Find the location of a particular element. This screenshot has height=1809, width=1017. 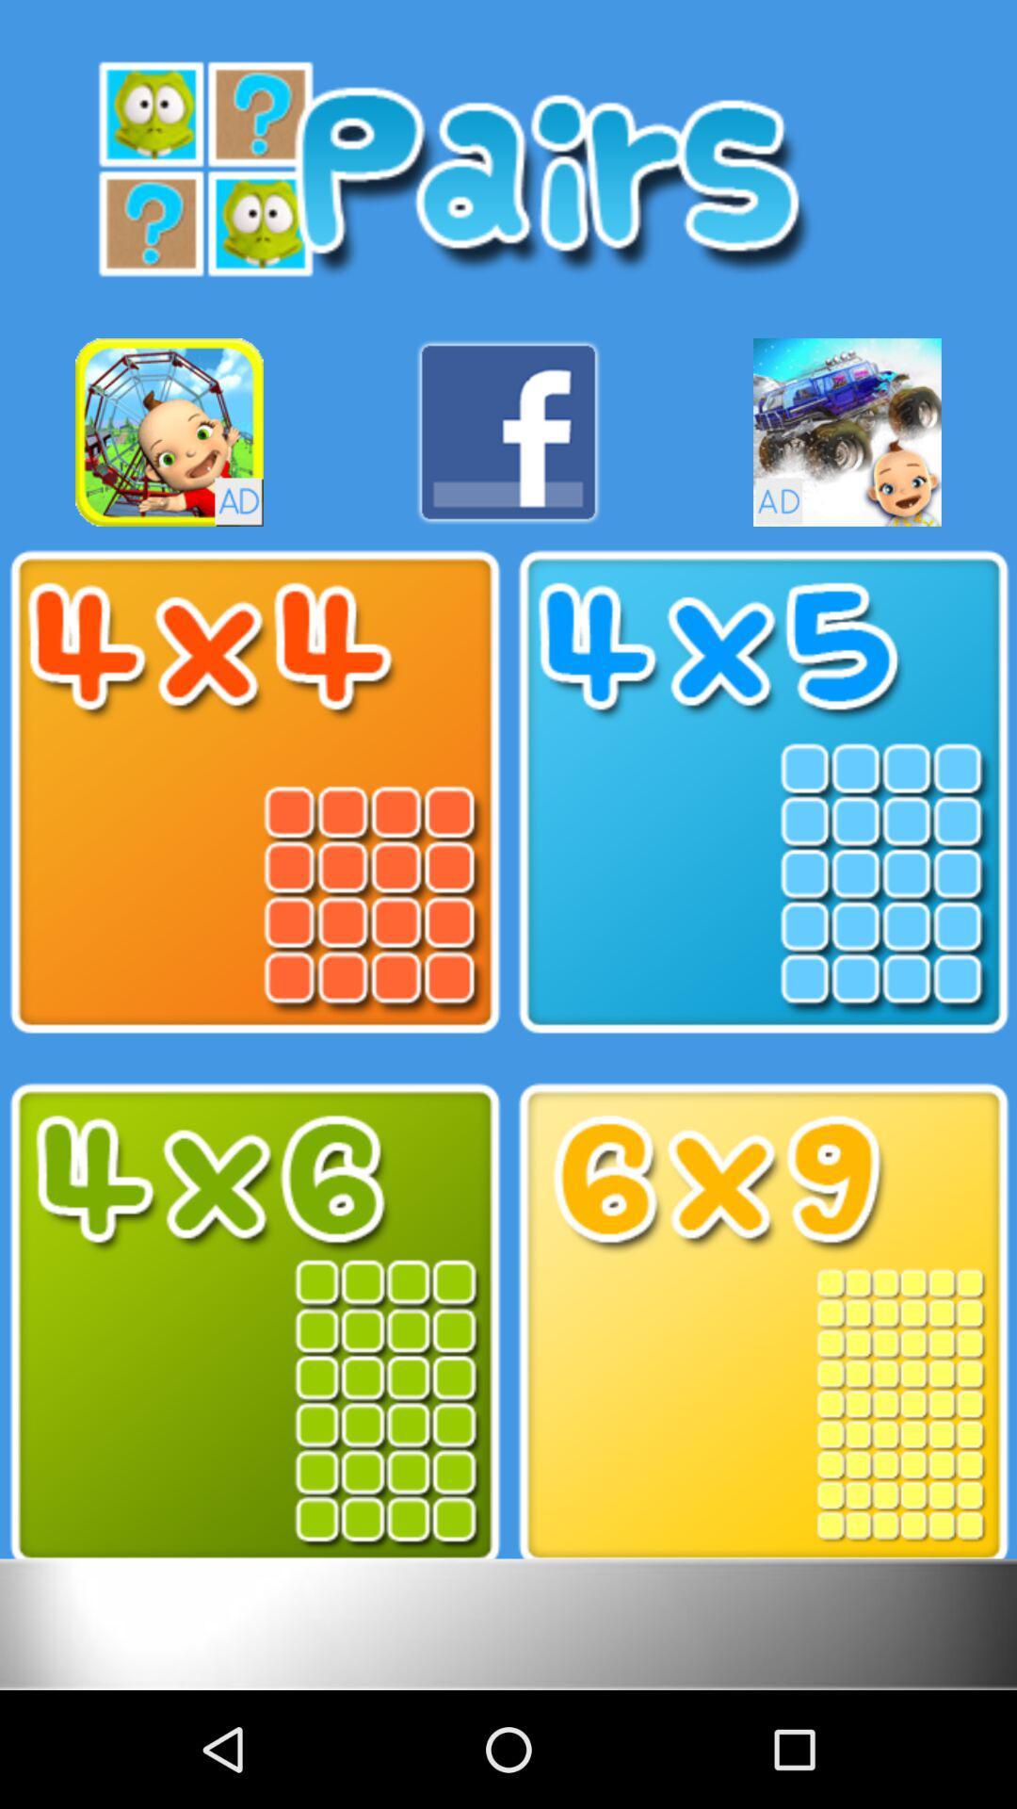

the one picture is located at coordinates (254, 1324).